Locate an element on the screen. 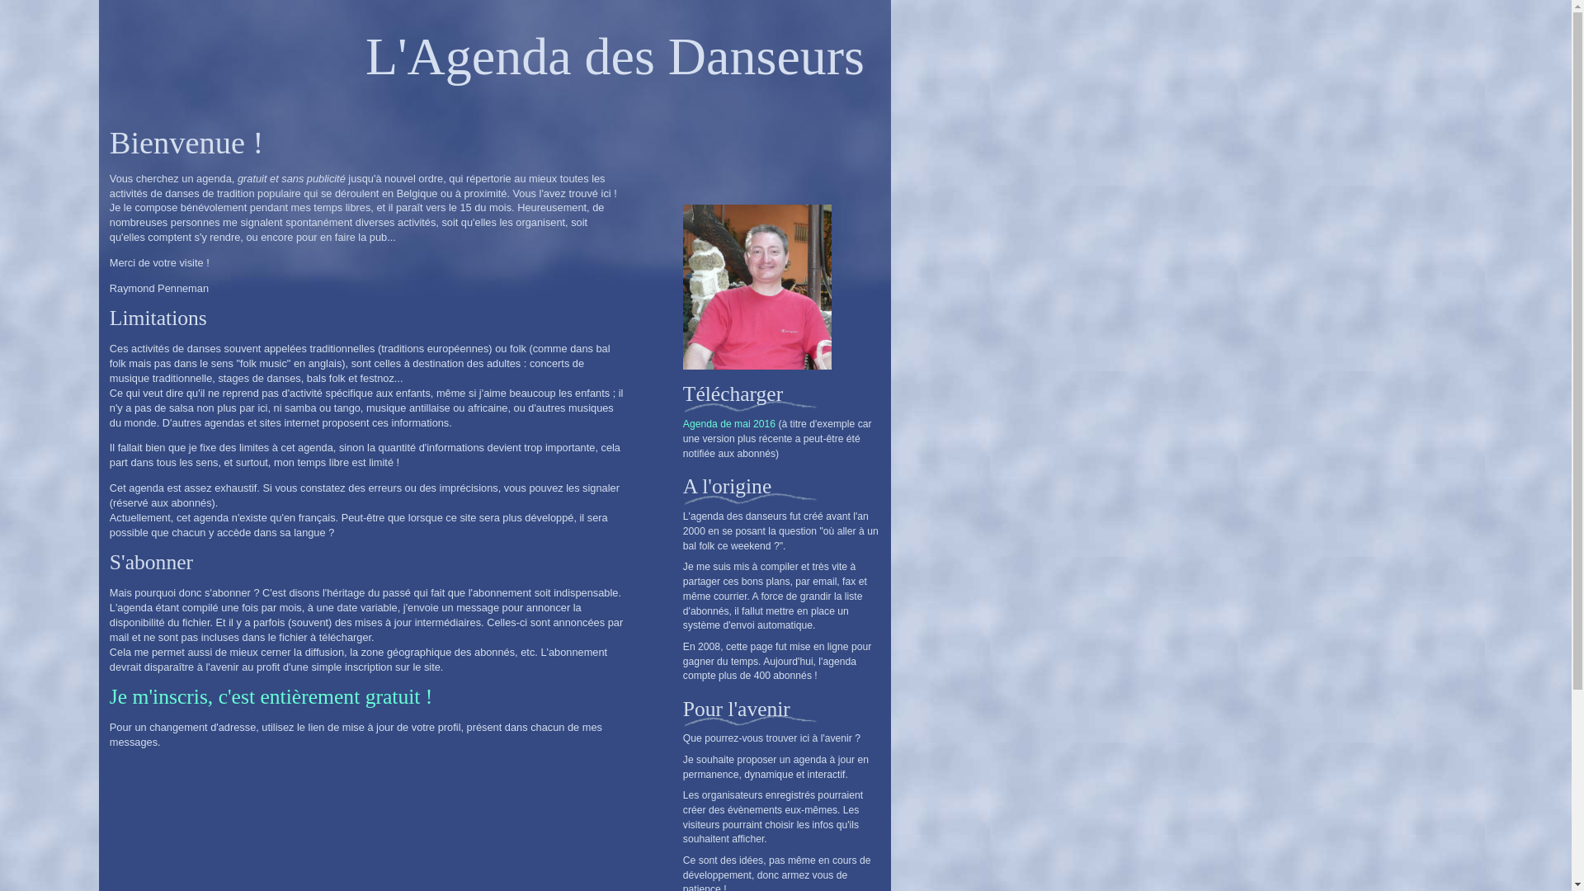 The width and height of the screenshot is (1584, 891). 'Agenda de mai 2016' is located at coordinates (728, 422).